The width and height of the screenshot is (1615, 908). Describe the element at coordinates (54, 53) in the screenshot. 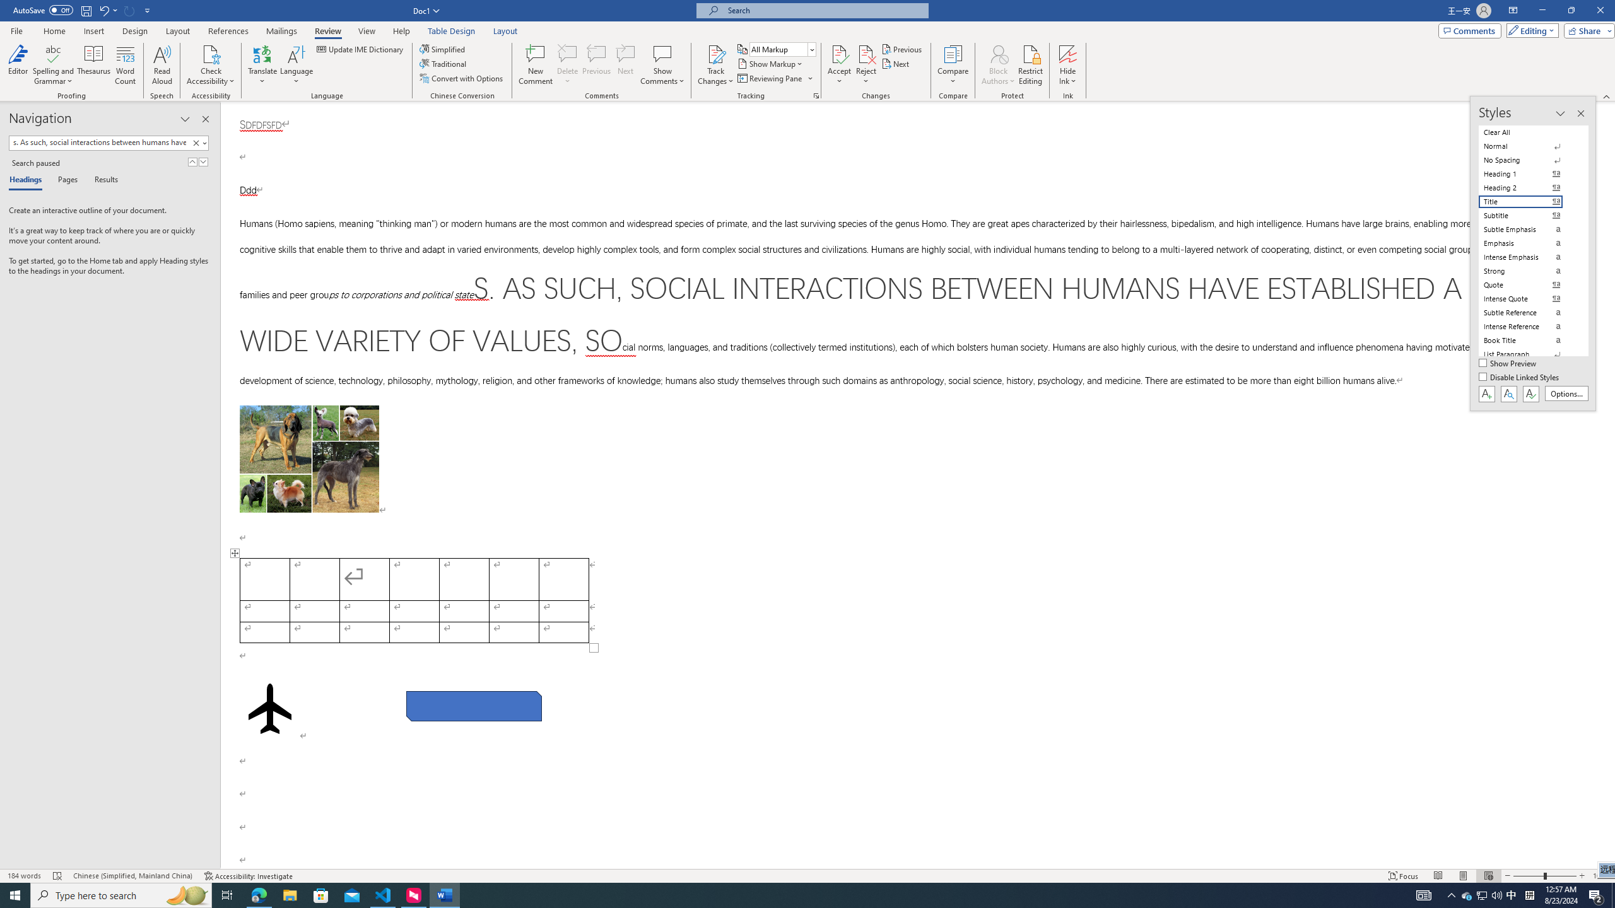

I see `'Spelling and Grammar'` at that location.